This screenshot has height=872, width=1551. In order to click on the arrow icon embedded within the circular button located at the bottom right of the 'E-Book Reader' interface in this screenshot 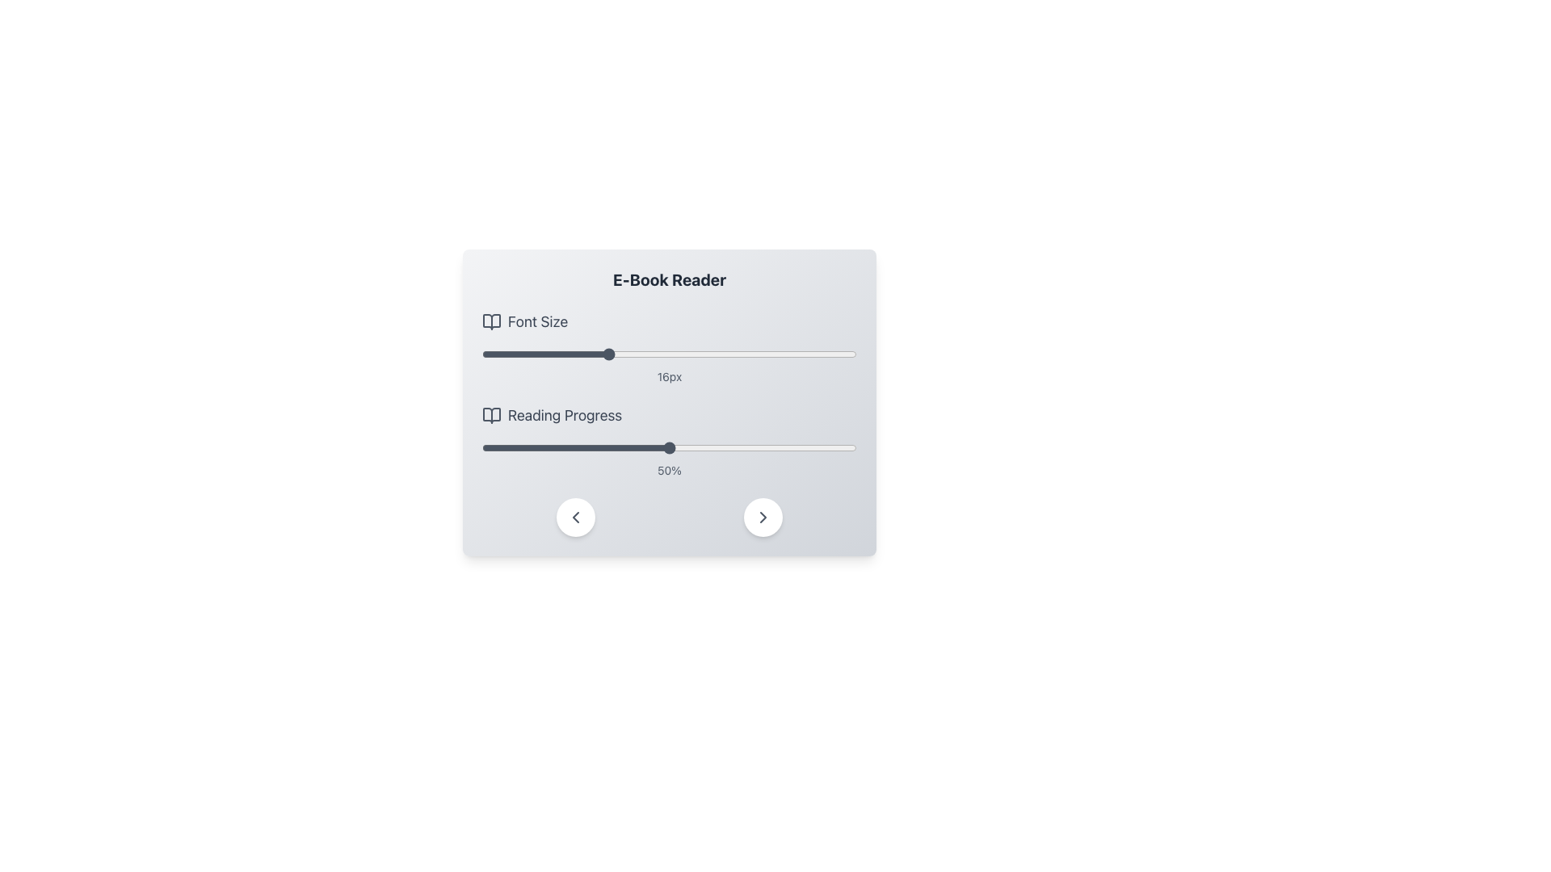, I will do `click(763, 517)`.